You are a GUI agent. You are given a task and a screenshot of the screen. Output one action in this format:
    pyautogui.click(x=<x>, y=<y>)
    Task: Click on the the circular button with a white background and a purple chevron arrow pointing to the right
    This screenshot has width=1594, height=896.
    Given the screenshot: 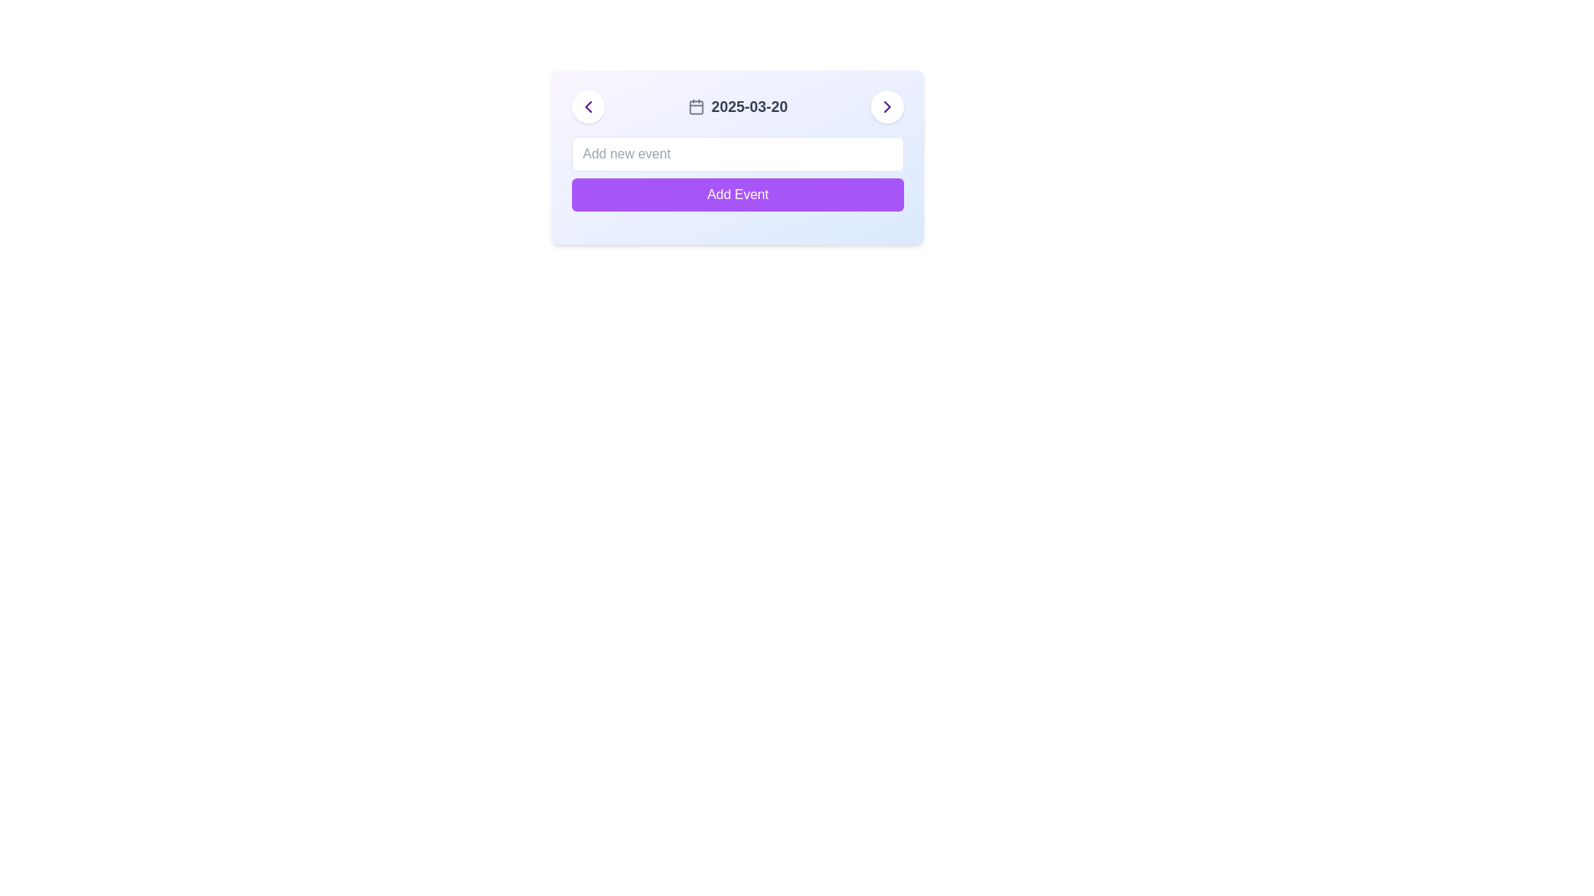 What is the action you would take?
    pyautogui.click(x=887, y=106)
    